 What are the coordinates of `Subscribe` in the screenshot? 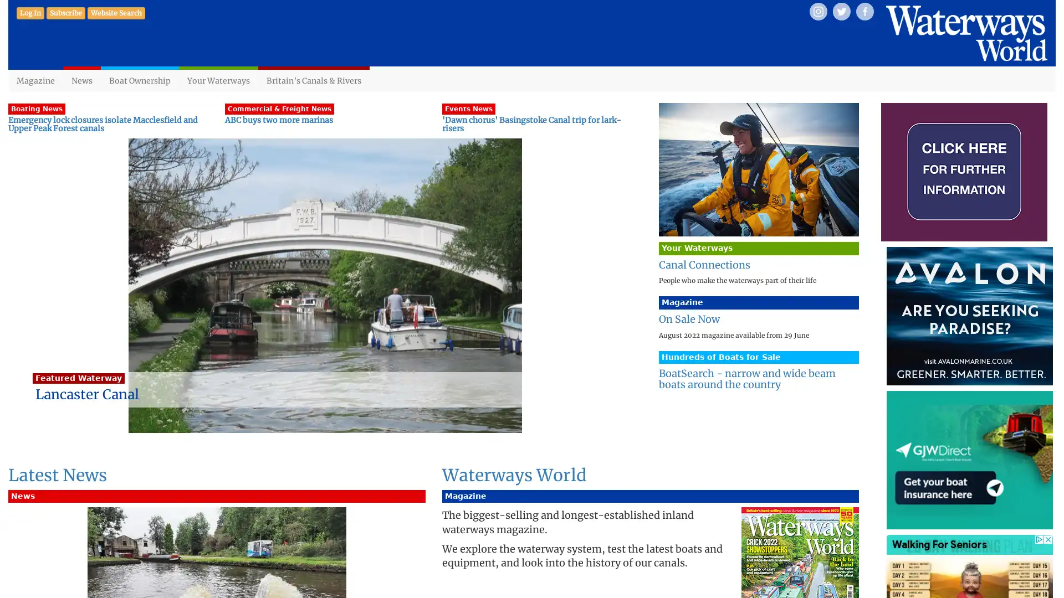 It's located at (65, 13).